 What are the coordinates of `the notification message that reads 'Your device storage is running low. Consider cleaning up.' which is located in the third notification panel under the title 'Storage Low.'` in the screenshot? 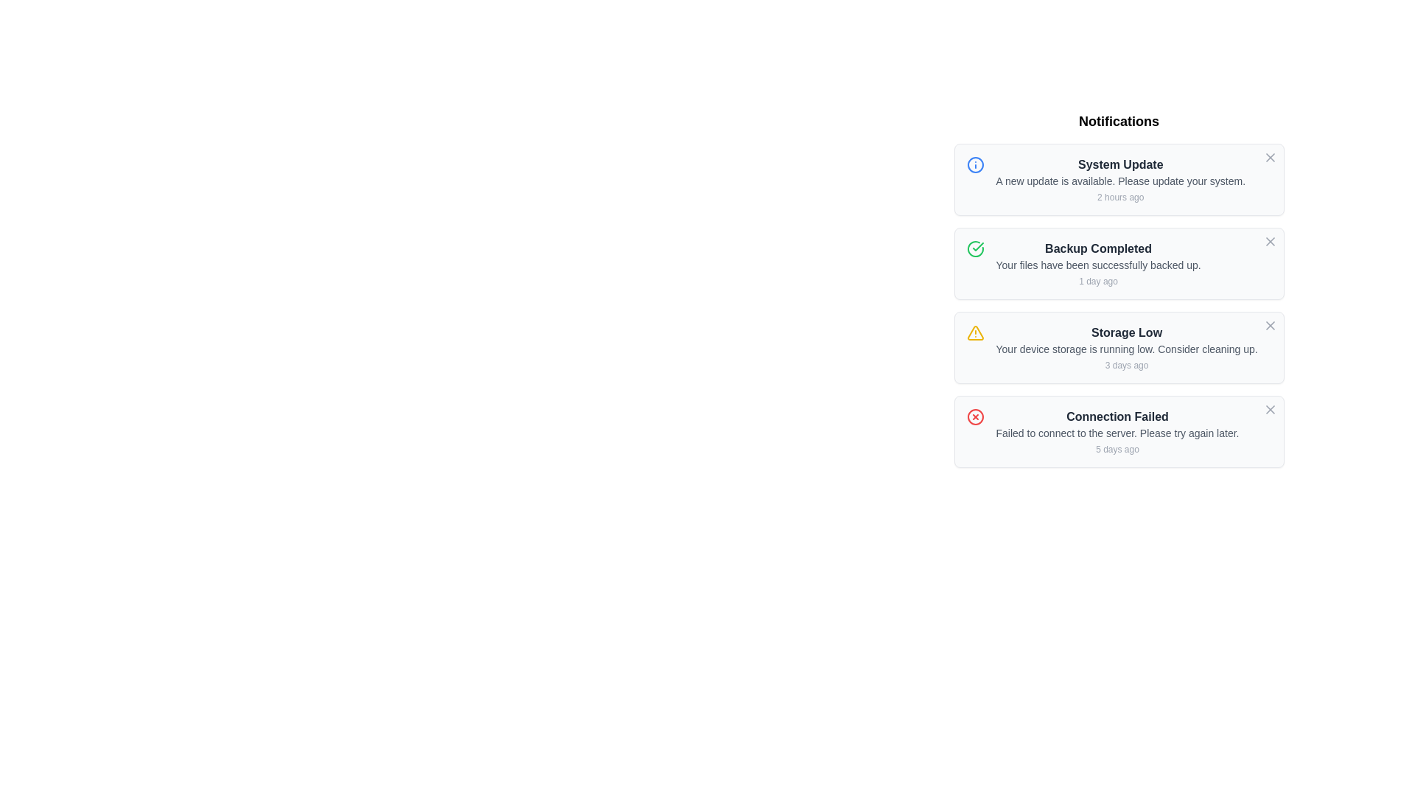 It's located at (1126, 349).